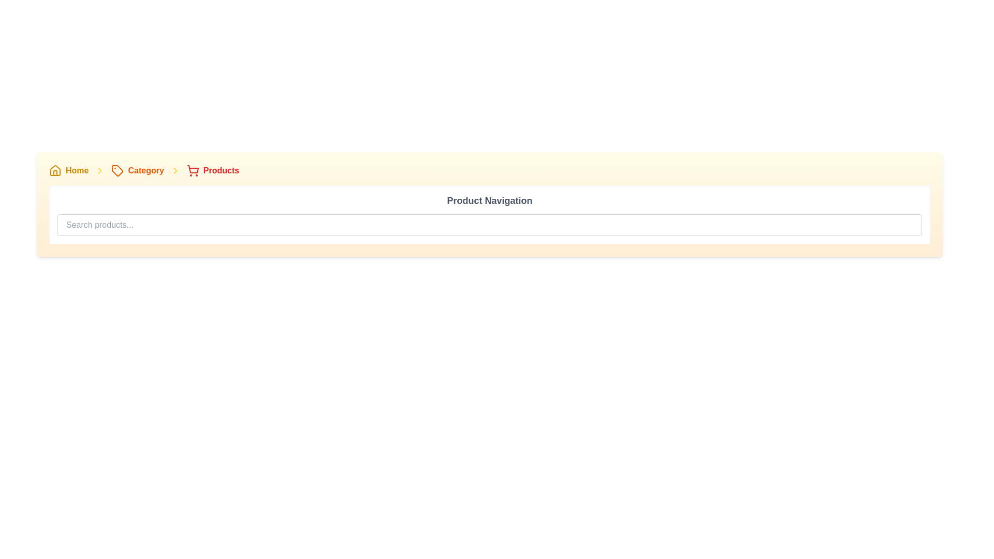 This screenshot has height=559, width=994. What do you see at coordinates (54, 169) in the screenshot?
I see `the detailed vector graphic of the house outline icon located in the breadcrumb navigation bar at the top-left corner of the interface` at bounding box center [54, 169].